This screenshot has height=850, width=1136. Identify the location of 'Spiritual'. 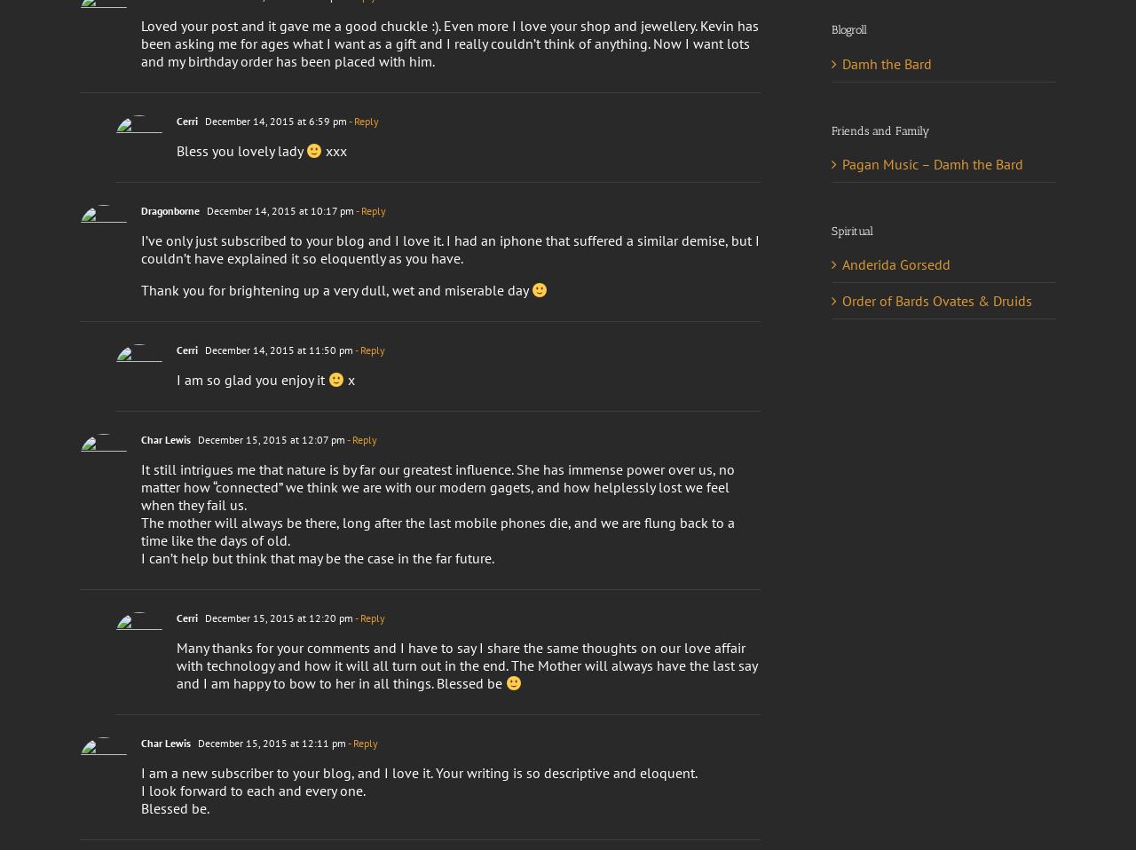
(852, 230).